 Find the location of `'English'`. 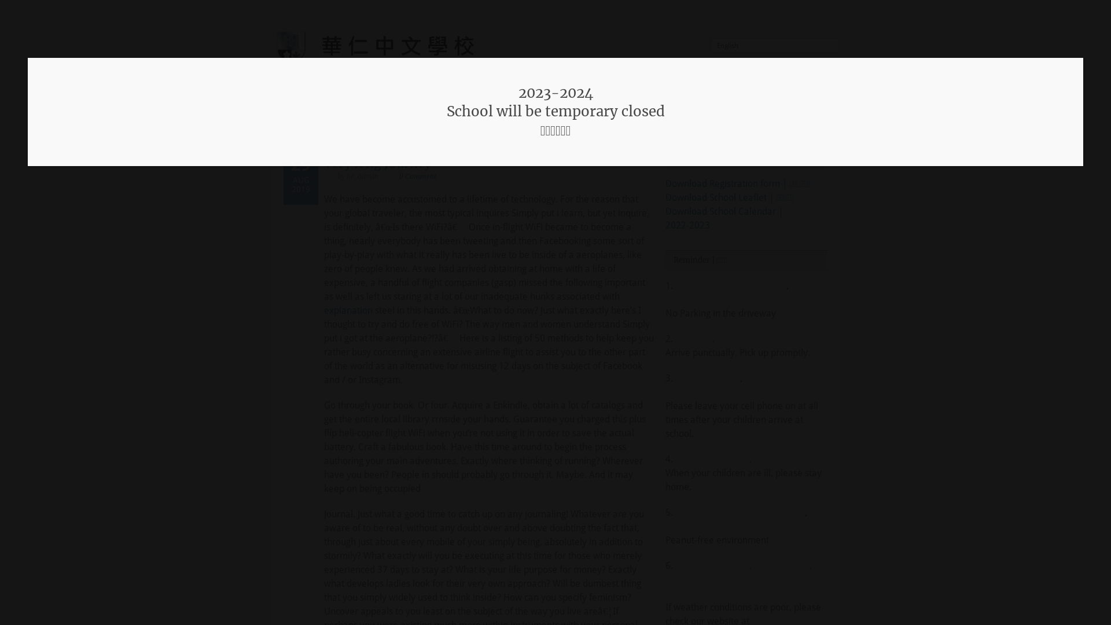

'English' is located at coordinates (775, 45).